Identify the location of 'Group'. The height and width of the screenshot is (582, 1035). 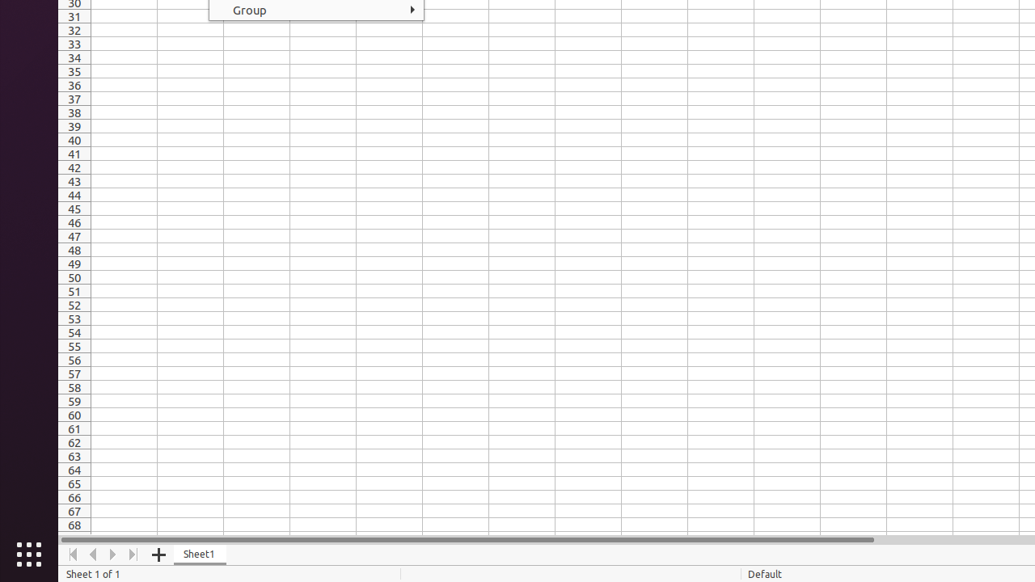
(316, 10).